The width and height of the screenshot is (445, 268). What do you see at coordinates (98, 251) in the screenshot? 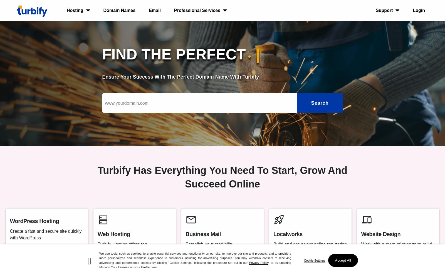
I see `'Turbify Hosting offers top performance and security for your website'` at bounding box center [98, 251].